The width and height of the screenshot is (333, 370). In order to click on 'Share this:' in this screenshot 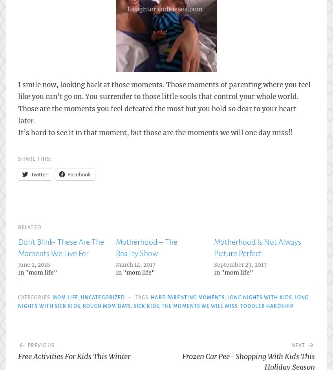, I will do `click(17, 159)`.